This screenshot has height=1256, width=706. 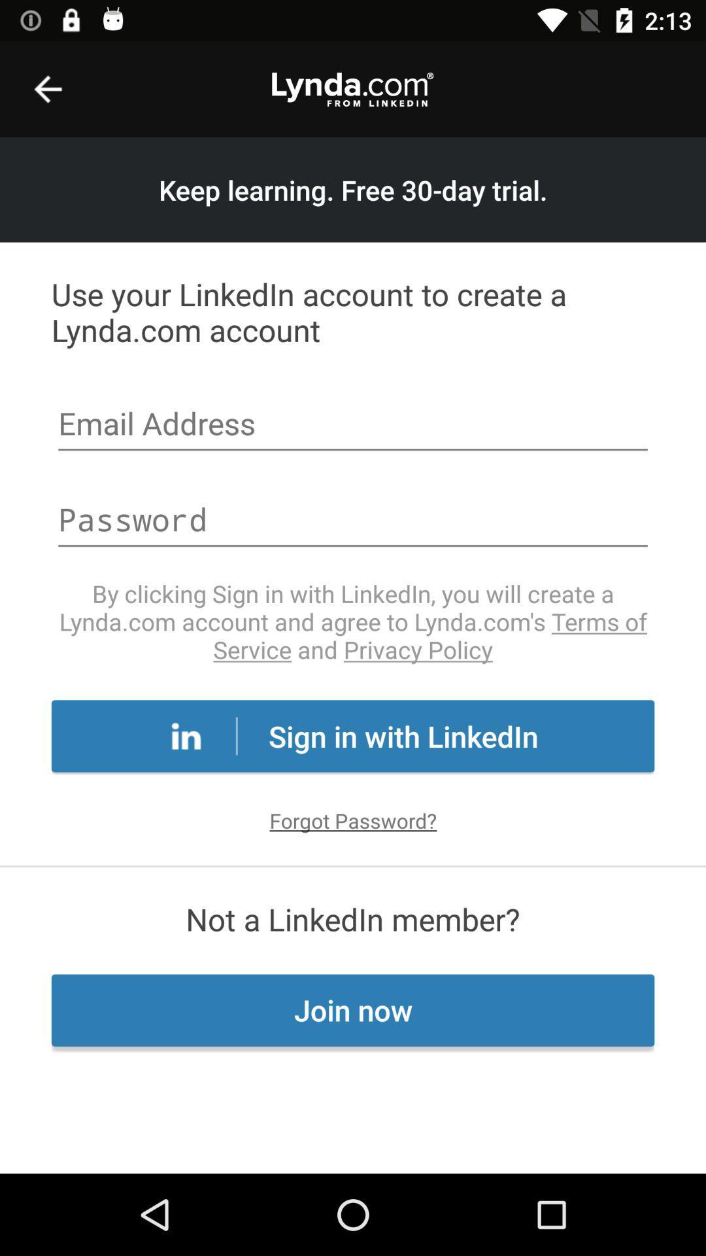 I want to click on the join now at the bottom of the page, so click(x=353, y=1010).